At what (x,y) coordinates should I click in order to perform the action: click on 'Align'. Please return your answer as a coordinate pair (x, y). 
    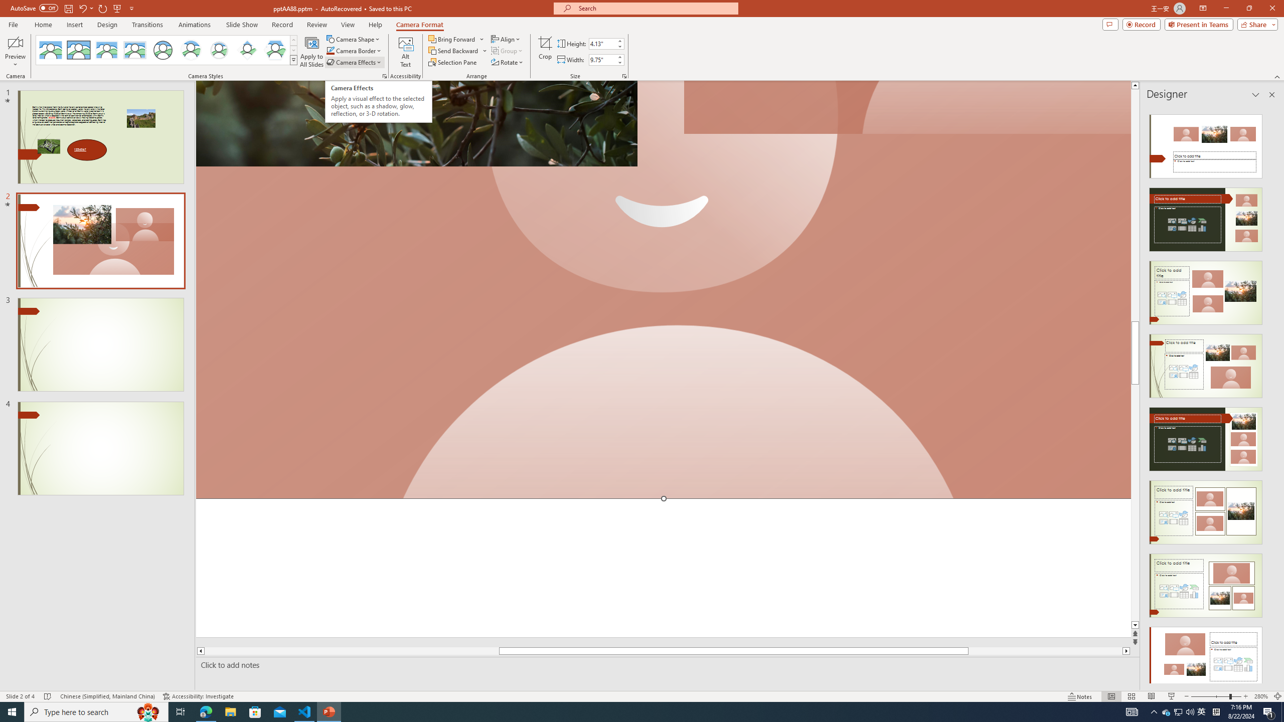
    Looking at the image, I should click on (506, 39).